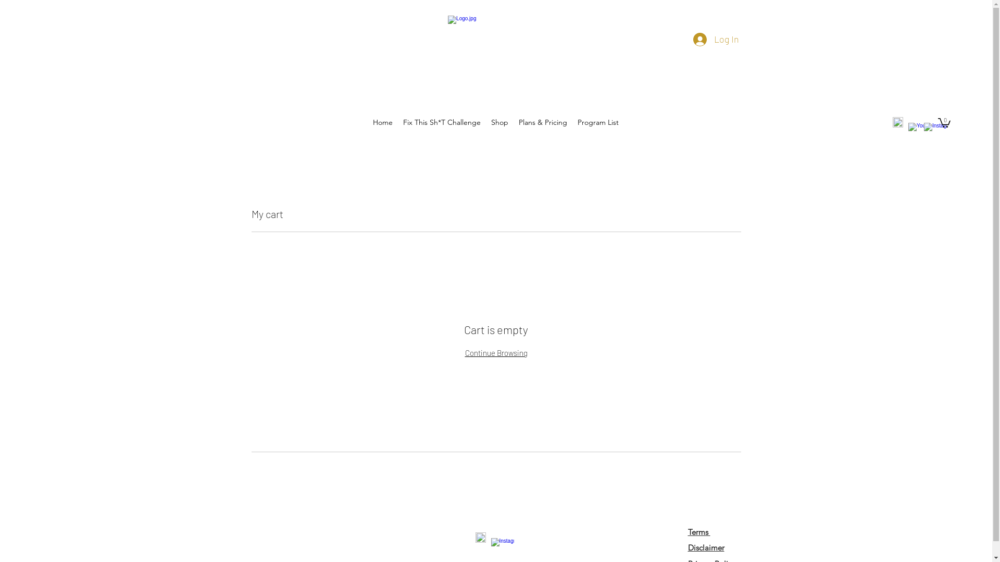 This screenshot has height=562, width=1000. What do you see at coordinates (464, 352) in the screenshot?
I see `'Continue Browsing'` at bounding box center [464, 352].